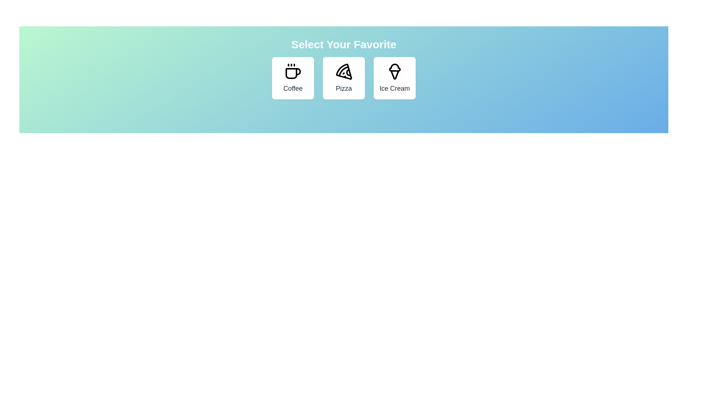 The height and width of the screenshot is (395, 702). I want to click on the text label reading 'Coffee' which is displayed in a medium-sized font, dark gray color on a white background, centered below a coffee cup icon in the first card under the heading 'Select Your Favorite', so click(293, 88).